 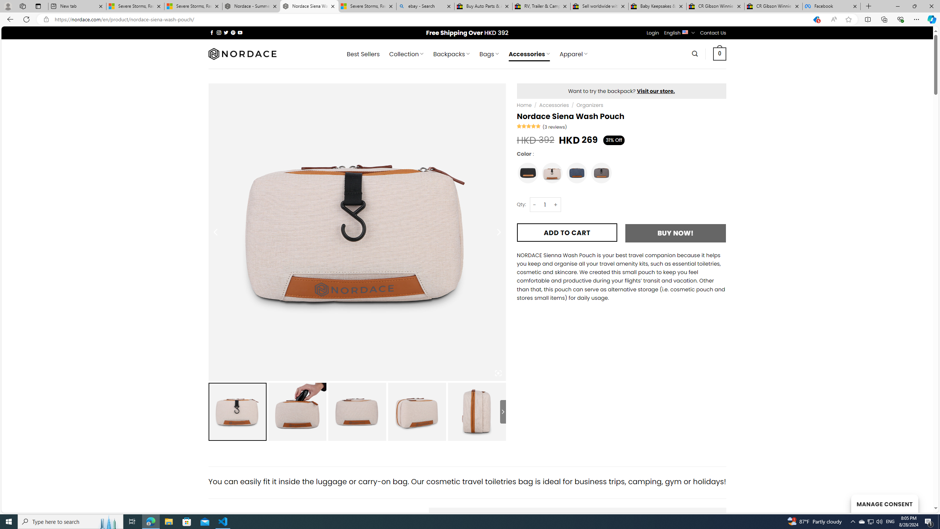 I want to click on 'MANAGE CONSENT', so click(x=884, y=503).